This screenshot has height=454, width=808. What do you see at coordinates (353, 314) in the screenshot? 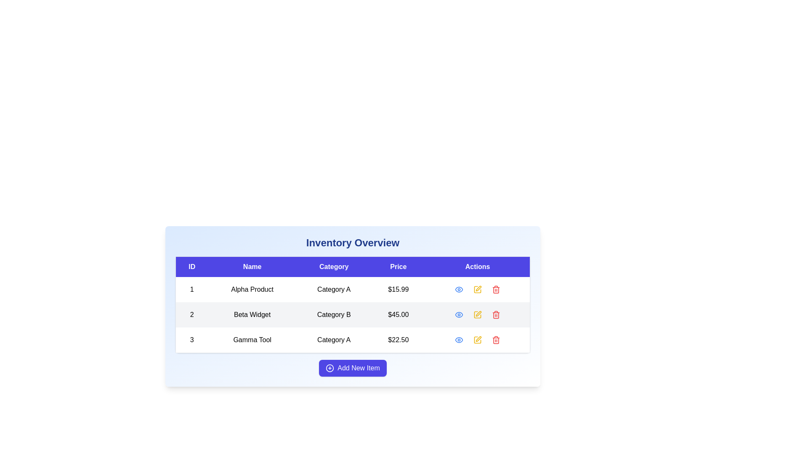
I see `the second table row containing the ID '2', name 'Beta Widget', category 'Category B', and price '$45.00'. This row is positioned between the rows for 'Alpha Product' and 'Gamma Tool'` at bounding box center [353, 314].